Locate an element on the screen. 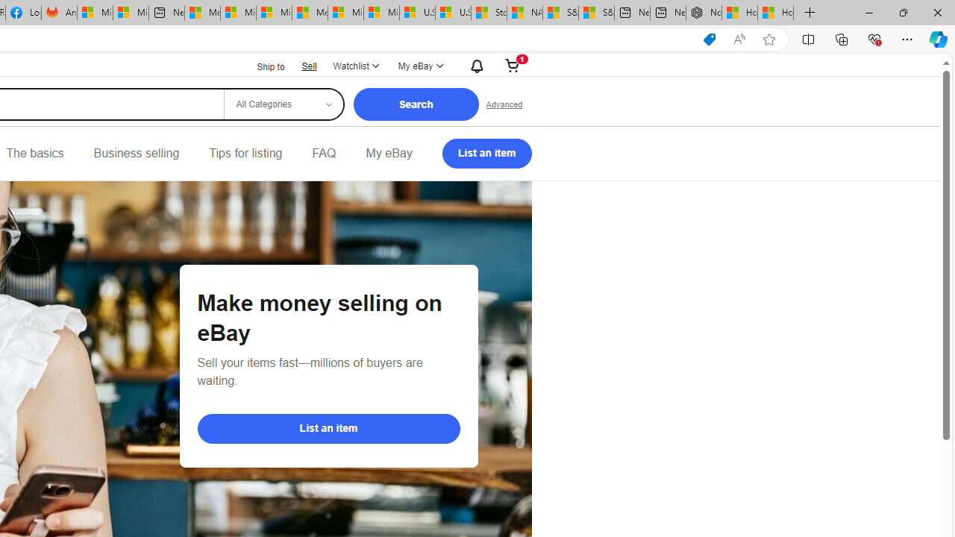  'Business selling' is located at coordinates (137, 153).